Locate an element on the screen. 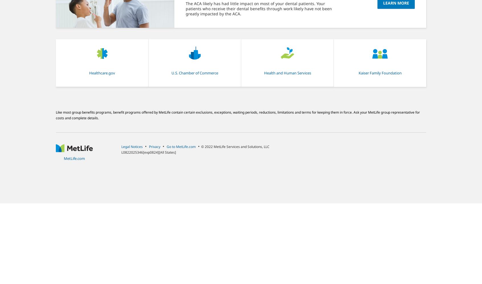 Image resolution: width=482 pixels, height=284 pixels. '© 2022 MetLife Services and Solutions, LLC' is located at coordinates (235, 146).